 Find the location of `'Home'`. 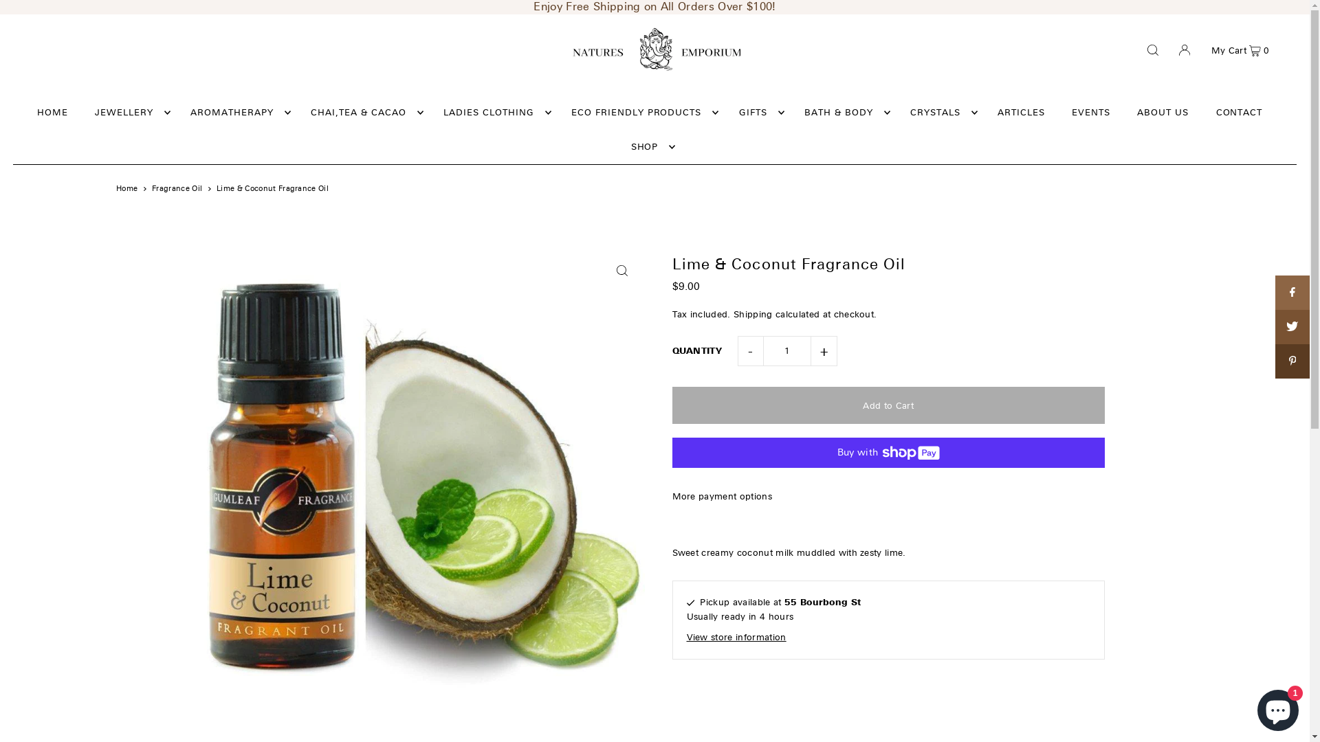

'Home' is located at coordinates (126, 188).